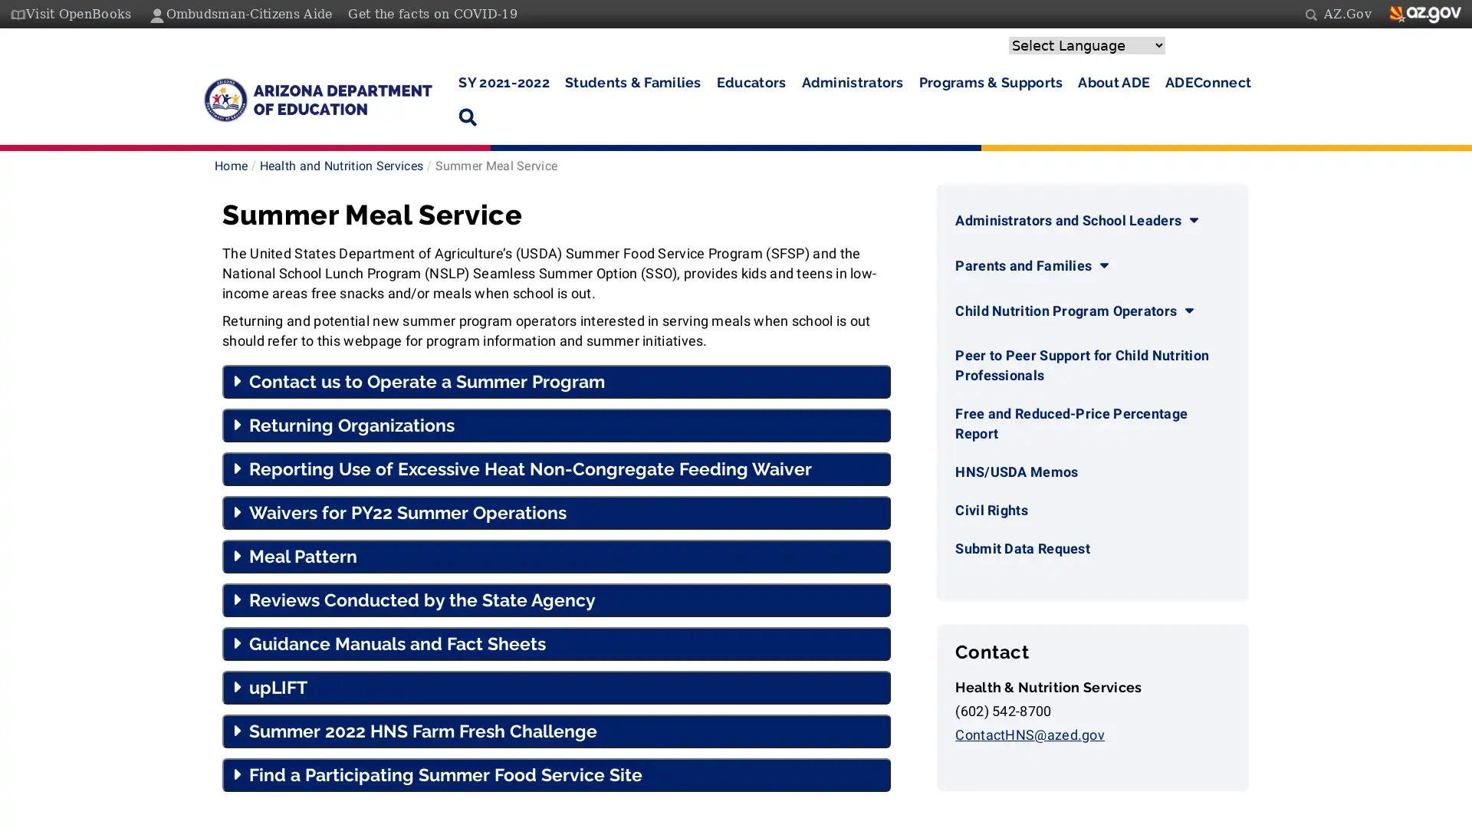 This screenshot has width=1472, height=828. Describe the element at coordinates (1192, 221) in the screenshot. I see `Administrators and School Leaders` at that location.